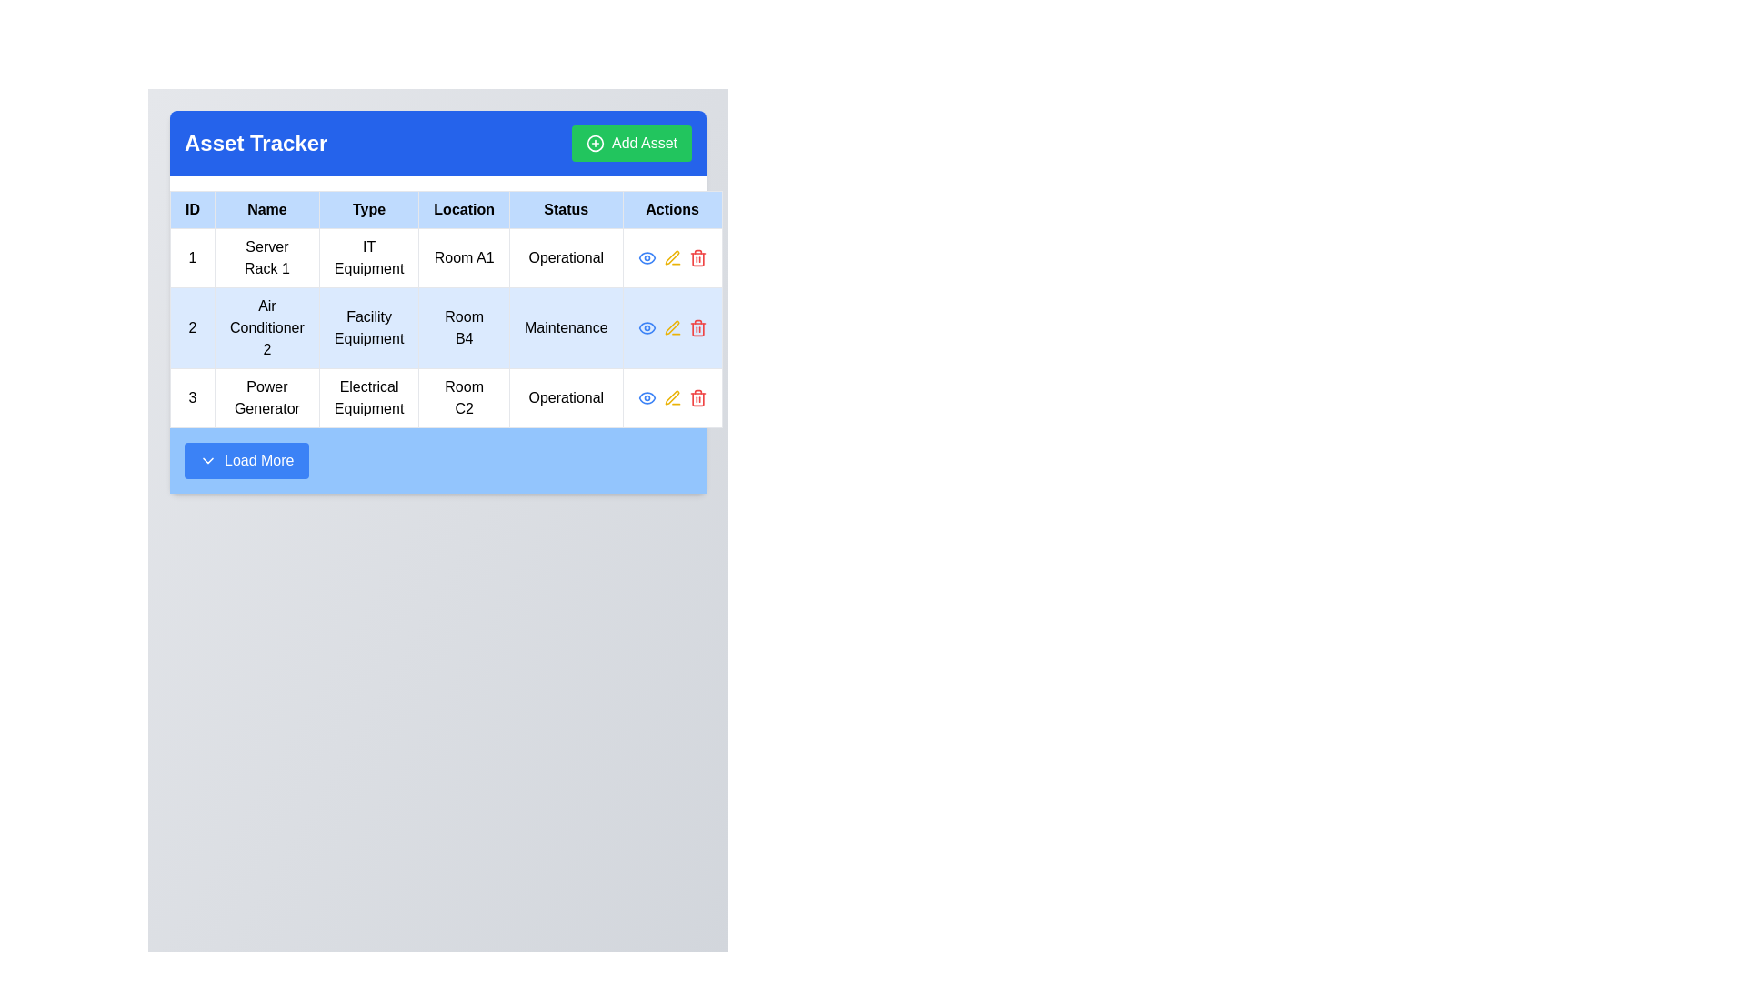  What do you see at coordinates (464, 258) in the screenshot?
I see `the static text element that displays 'Room A1', styled with padding and enclosed in a bordered box, located in the fourth column of the first row under the 'Location' header` at bounding box center [464, 258].